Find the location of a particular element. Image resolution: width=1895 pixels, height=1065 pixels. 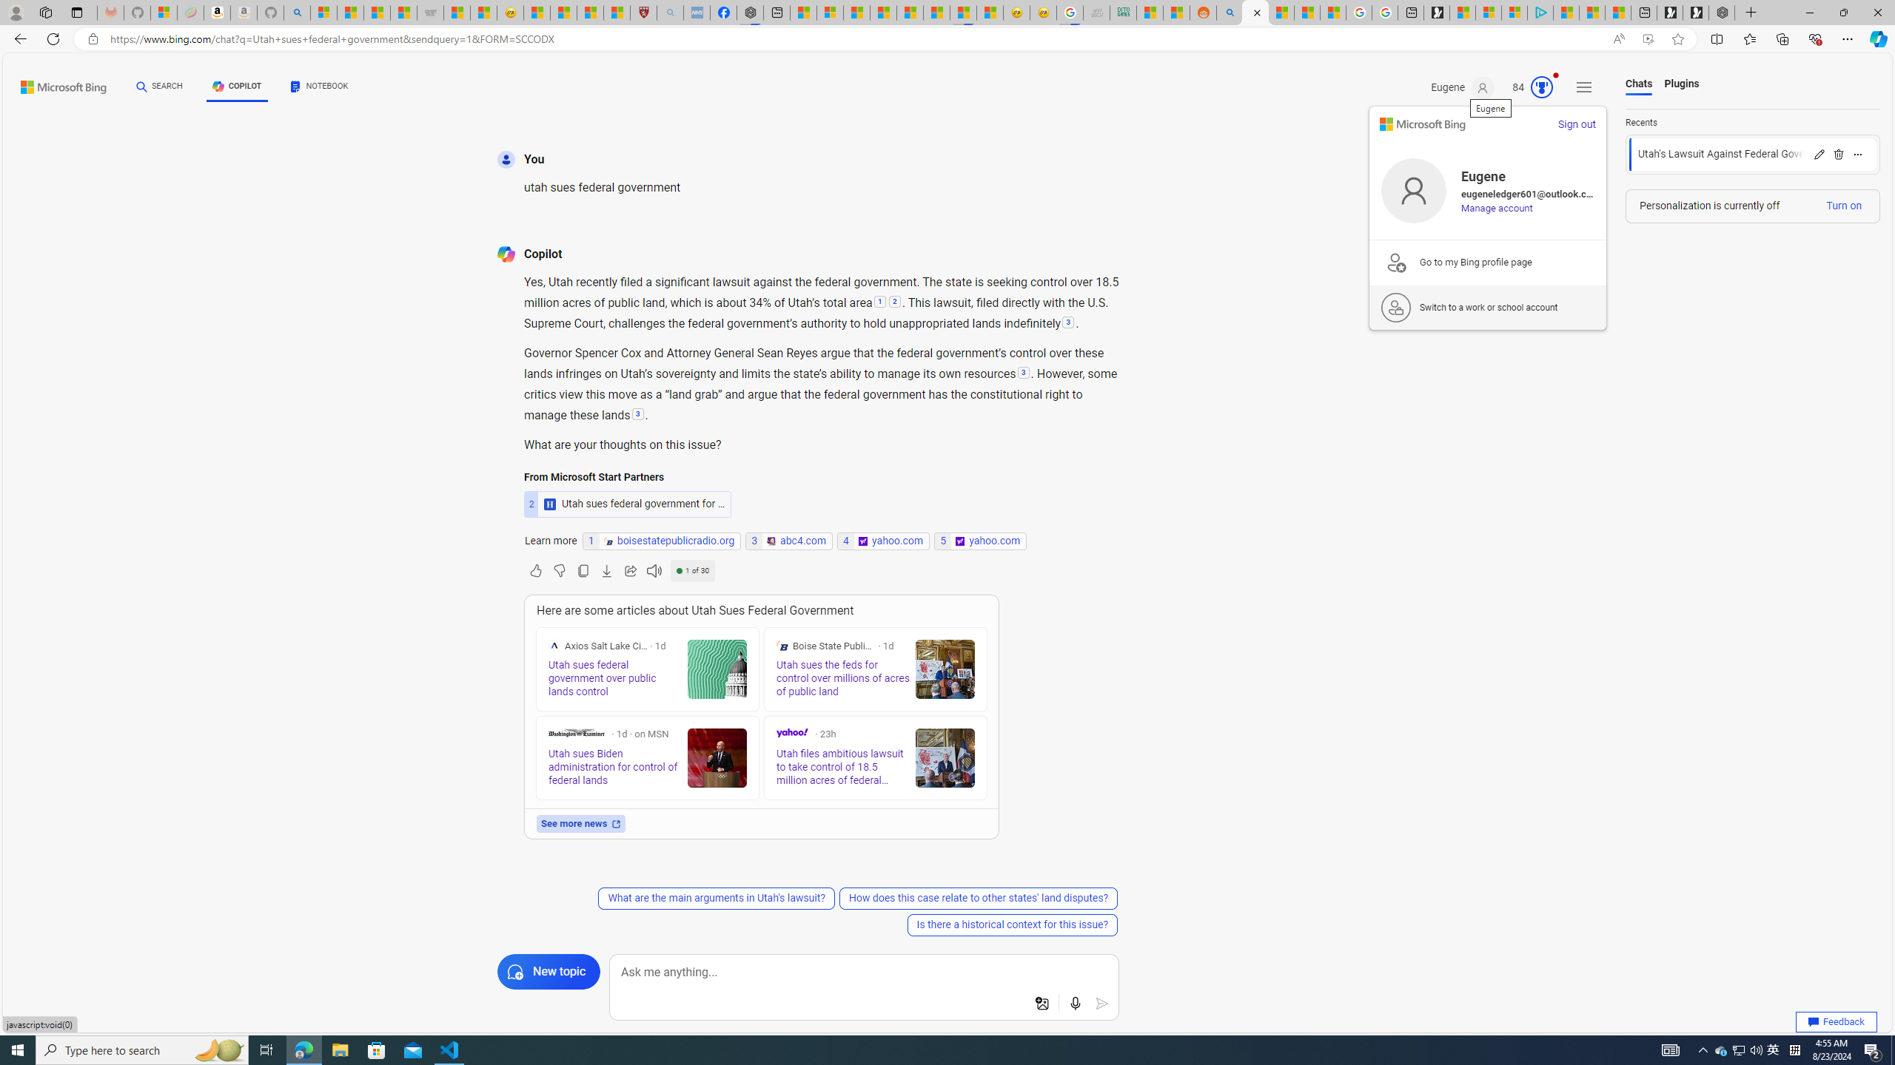

'See more news' is located at coordinates (580, 822).